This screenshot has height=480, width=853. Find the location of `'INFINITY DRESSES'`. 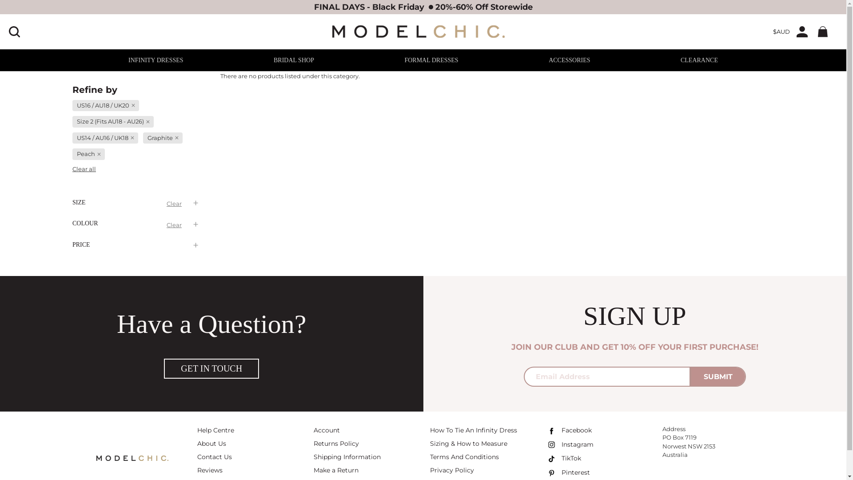

'INFINITY DRESSES' is located at coordinates (155, 60).